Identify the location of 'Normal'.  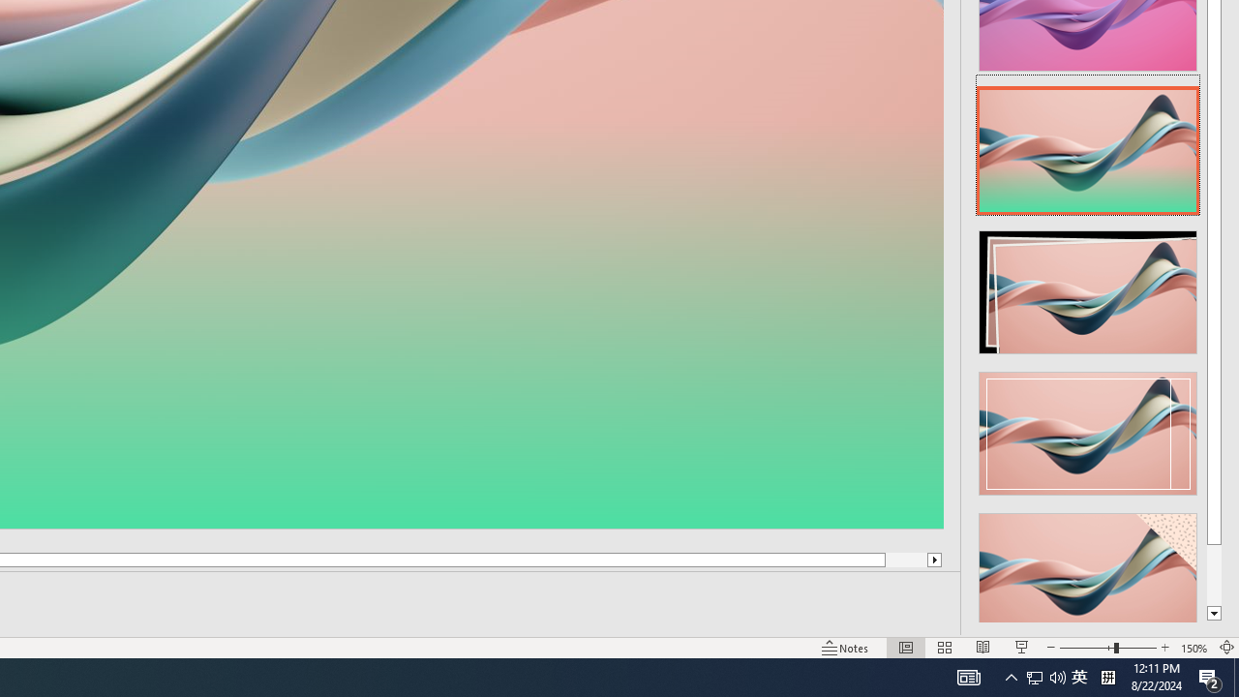
(905, 648).